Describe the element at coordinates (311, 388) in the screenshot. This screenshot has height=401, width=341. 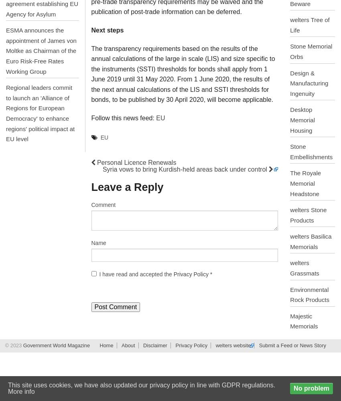
I see `'No problem'` at that location.